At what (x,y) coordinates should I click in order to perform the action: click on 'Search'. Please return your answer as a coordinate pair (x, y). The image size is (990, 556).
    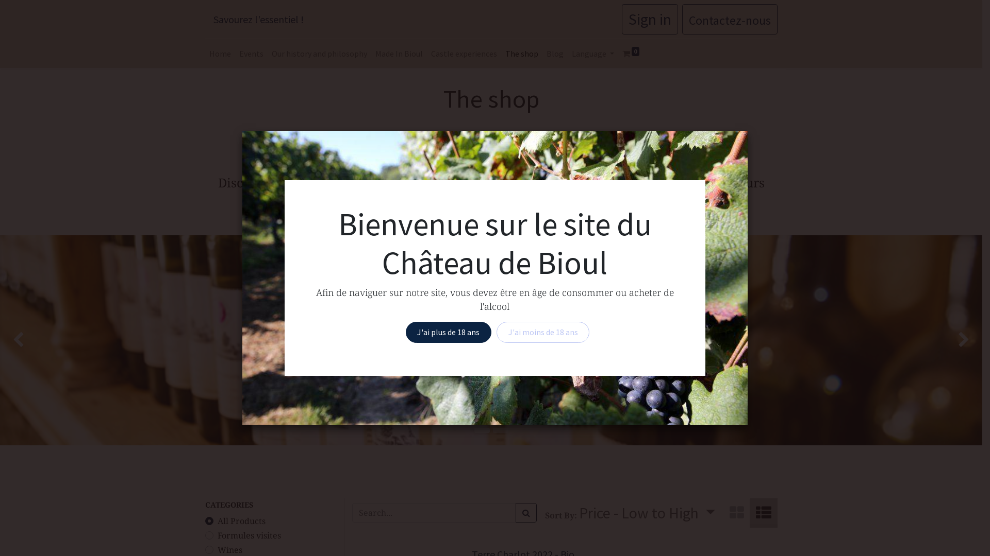
    Looking at the image, I should click on (526, 512).